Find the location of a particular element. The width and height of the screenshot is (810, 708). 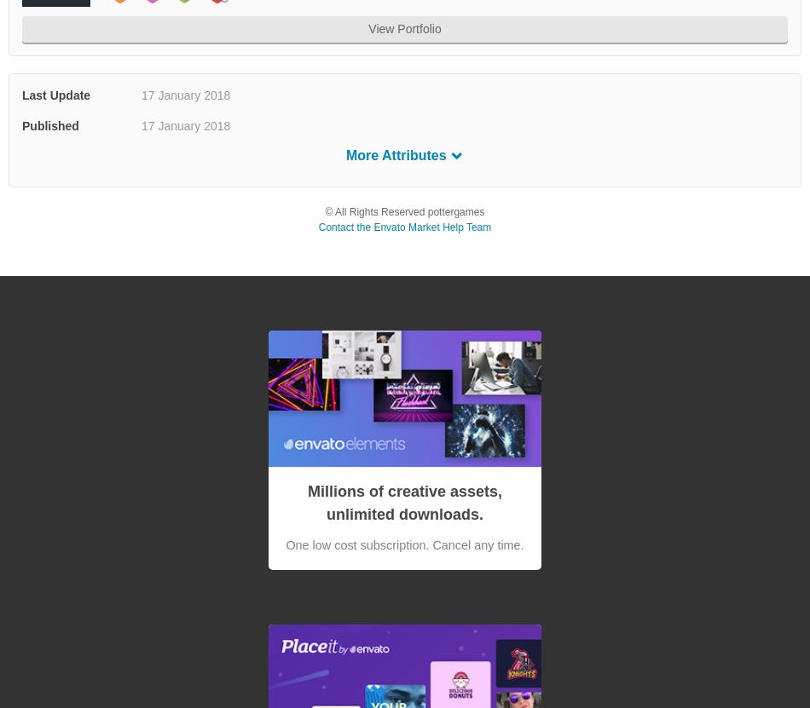

'Software Version' is located at coordinates (70, 187).